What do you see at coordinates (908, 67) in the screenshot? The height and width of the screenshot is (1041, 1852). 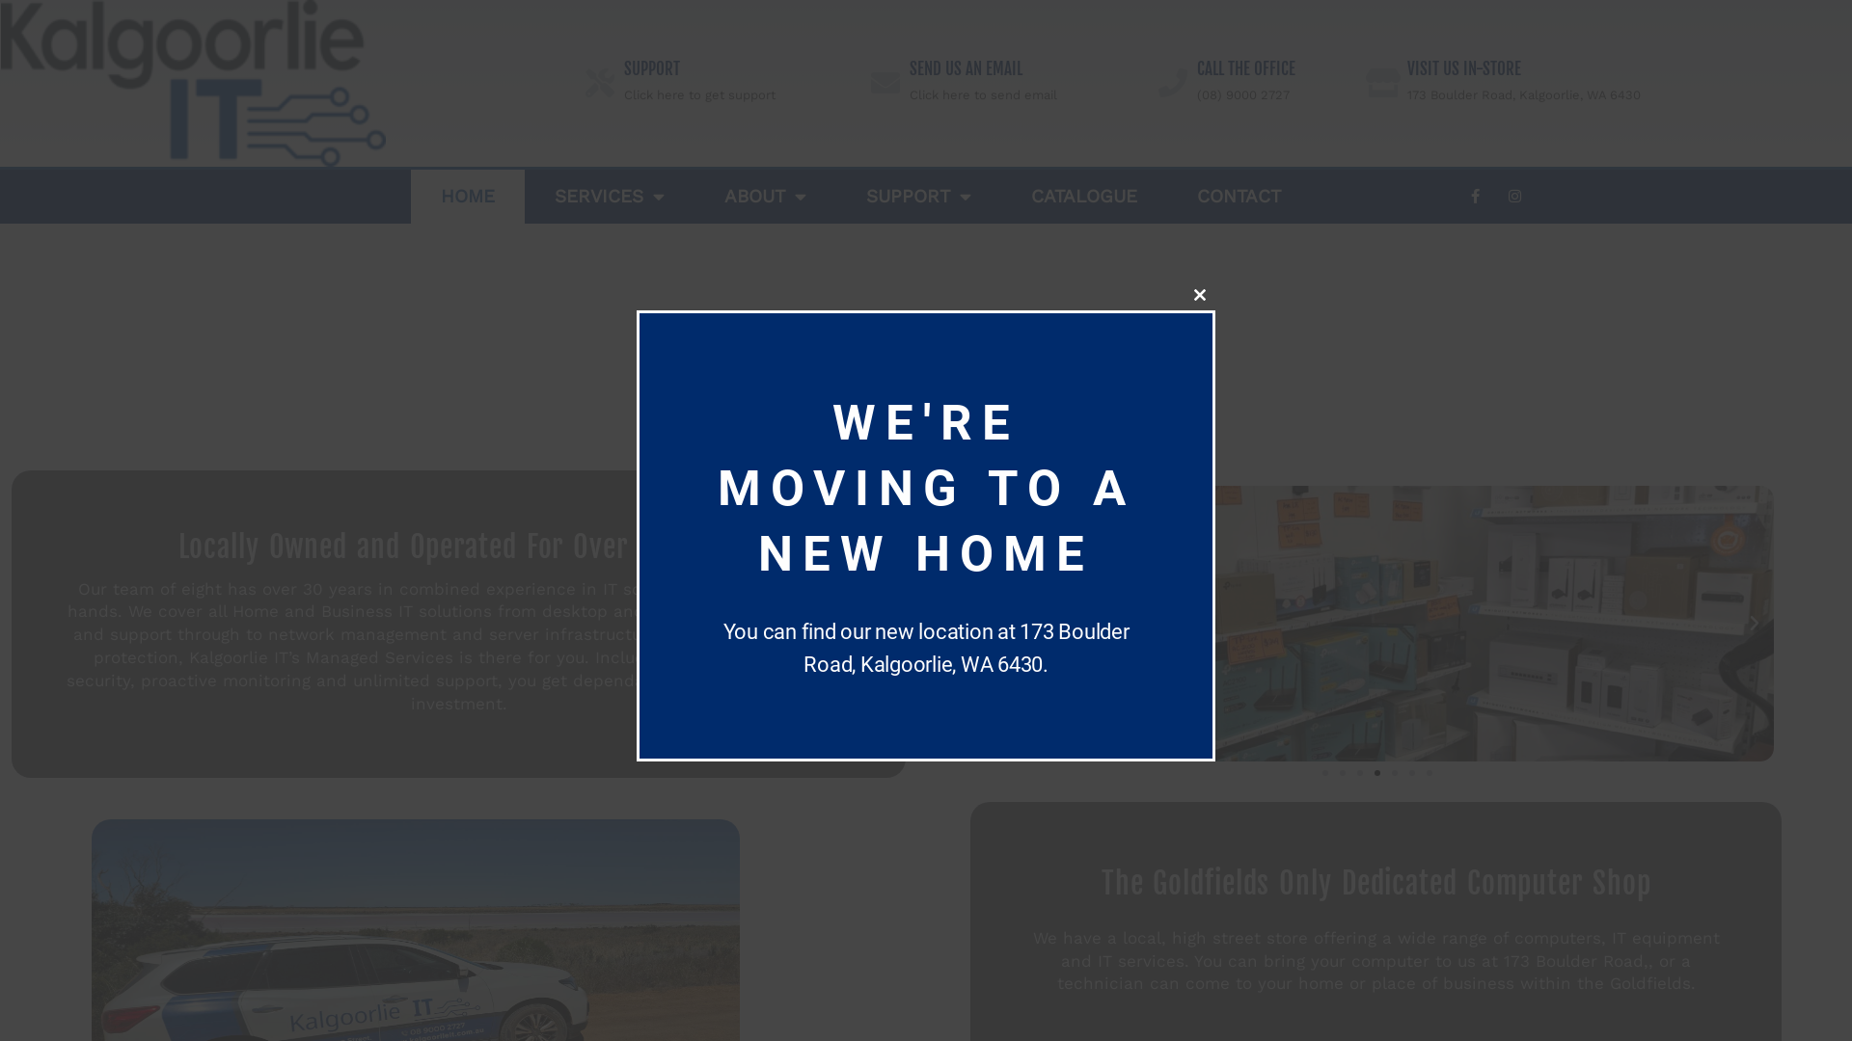 I see `'SEND US AN EMAIL'` at bounding box center [908, 67].